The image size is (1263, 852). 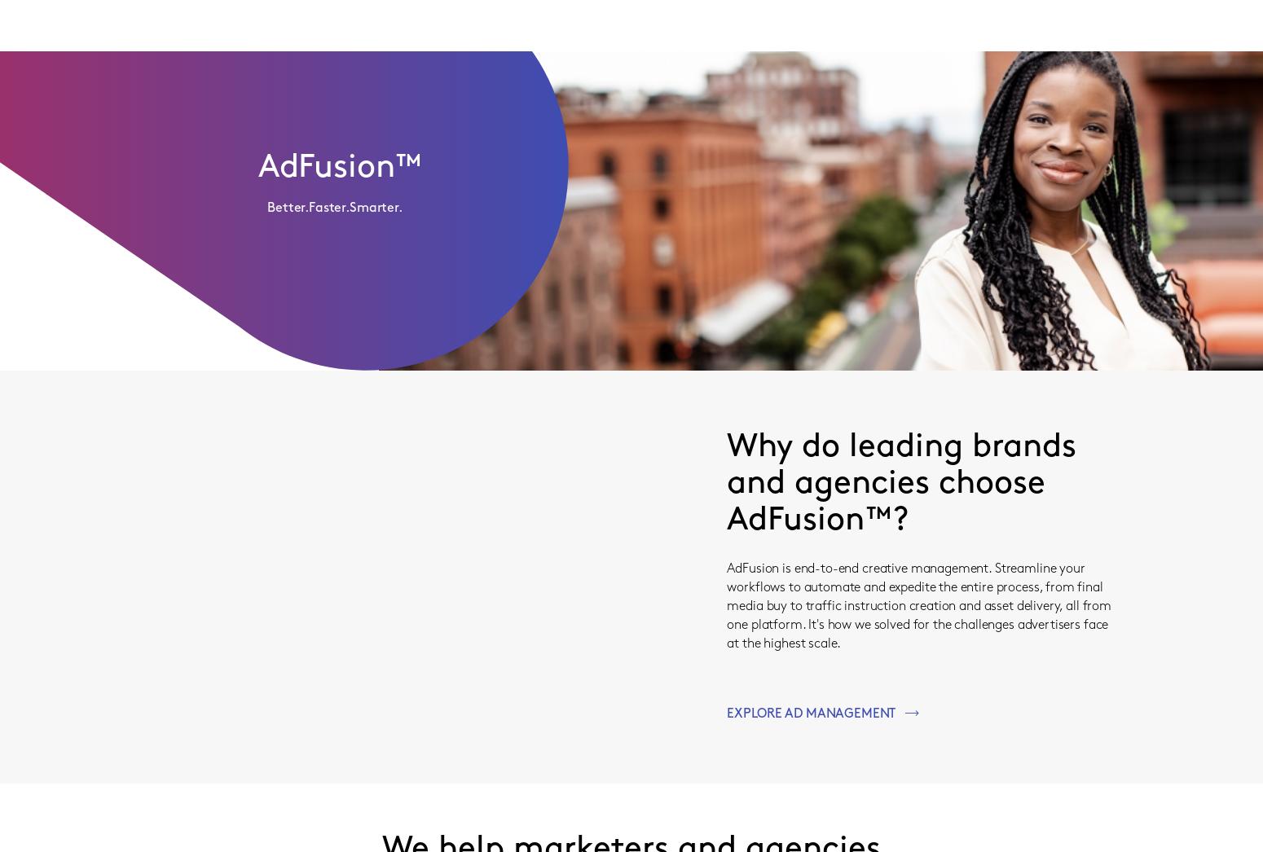 What do you see at coordinates (631, 238) in the screenshot?
I see `'Explore'` at bounding box center [631, 238].